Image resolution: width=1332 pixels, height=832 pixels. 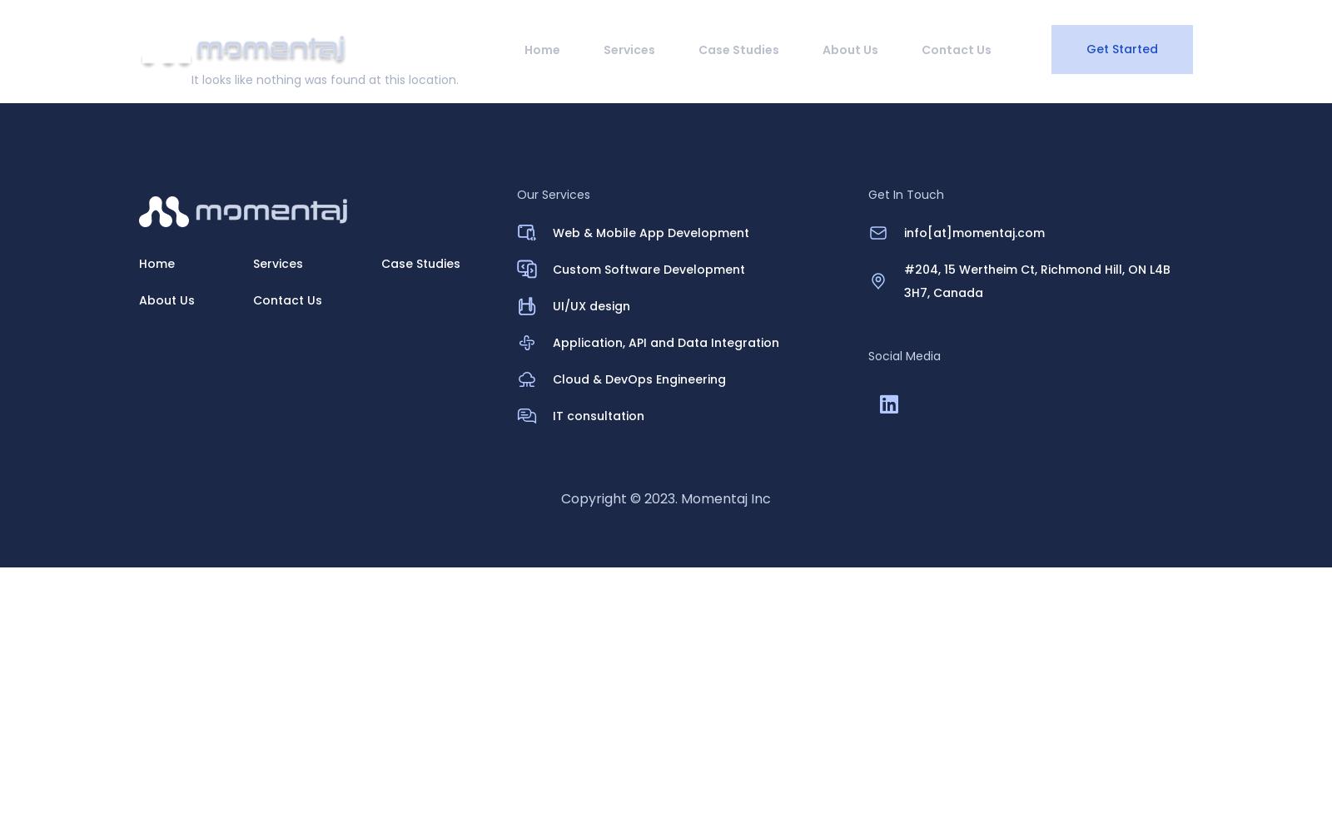 What do you see at coordinates (973, 233) in the screenshot?
I see `'info[at]momentaj.com'` at bounding box center [973, 233].